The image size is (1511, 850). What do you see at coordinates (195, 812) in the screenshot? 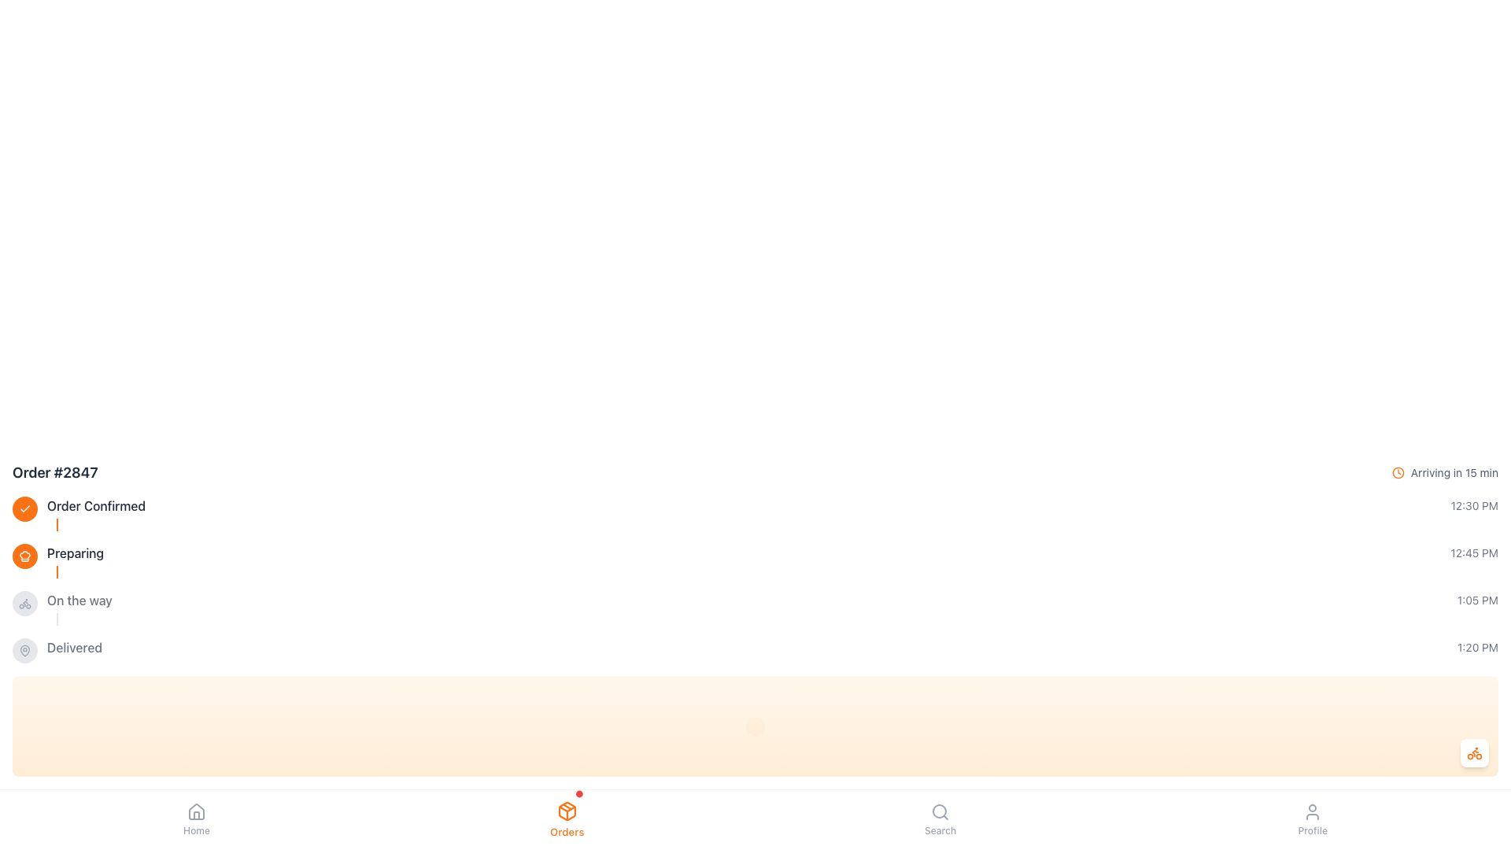
I see `the 'Home' navigation icon located in the bottom navigation bar` at bounding box center [195, 812].